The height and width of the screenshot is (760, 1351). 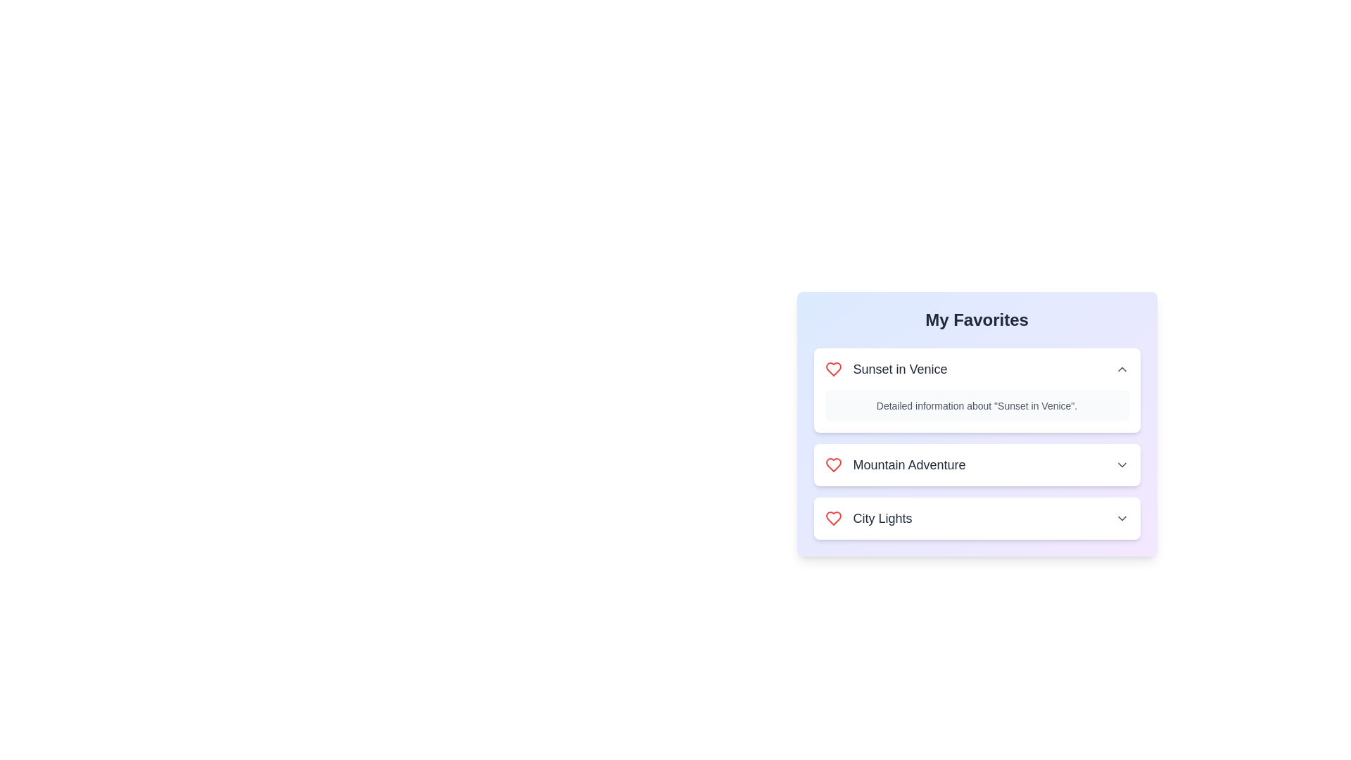 I want to click on the title of the favorite item Sunset in Venice, so click(x=885, y=368).